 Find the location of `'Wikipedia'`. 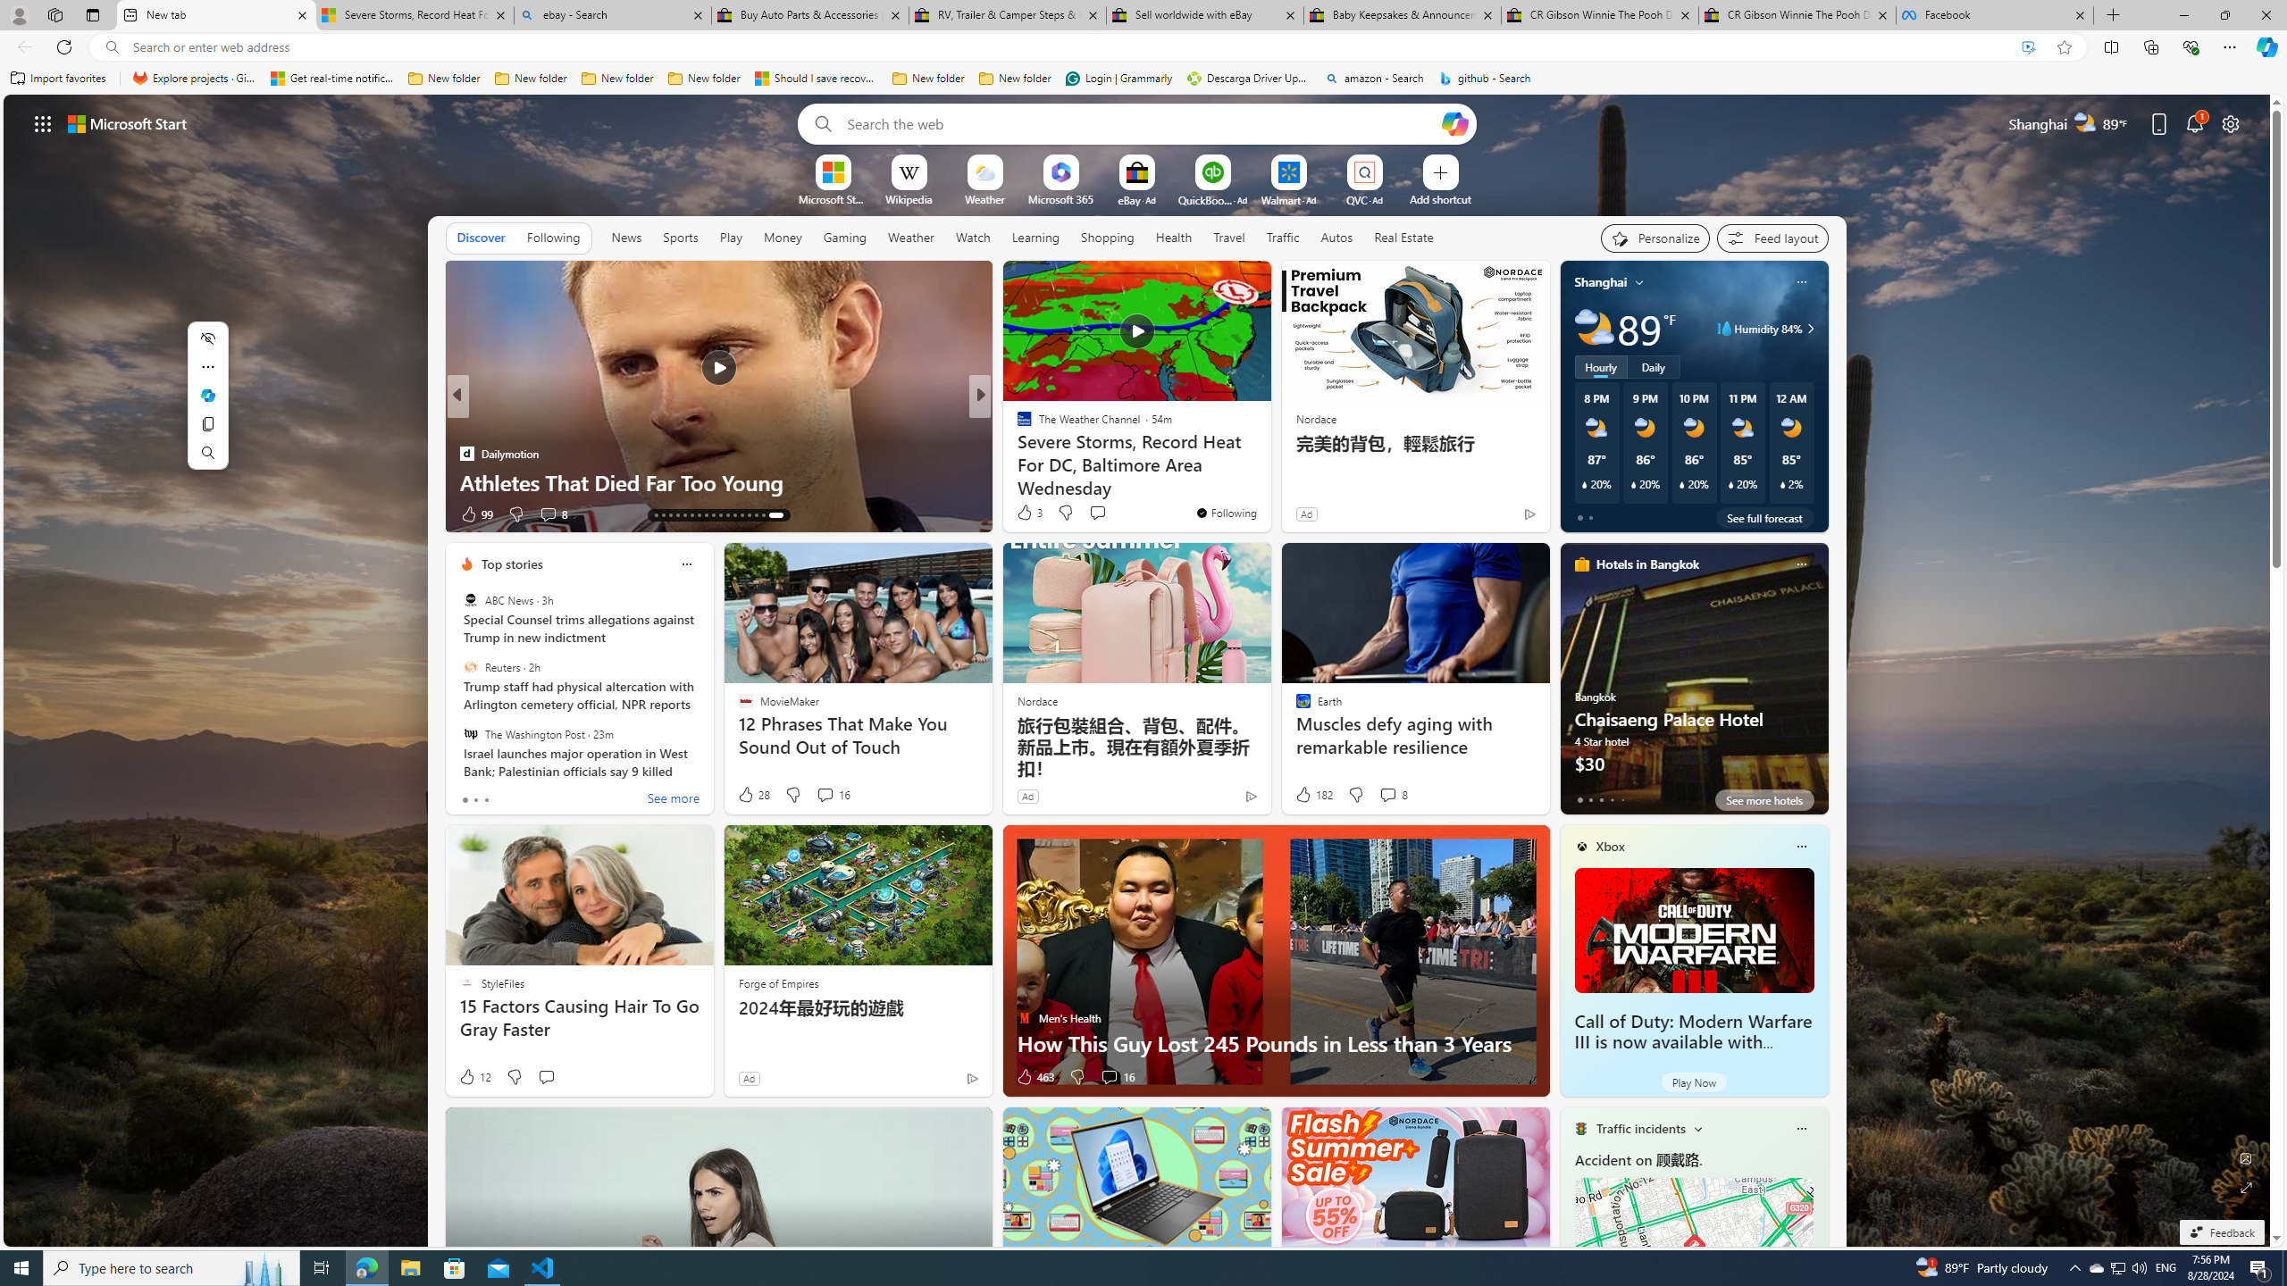

'Wikipedia' is located at coordinates (908, 198).